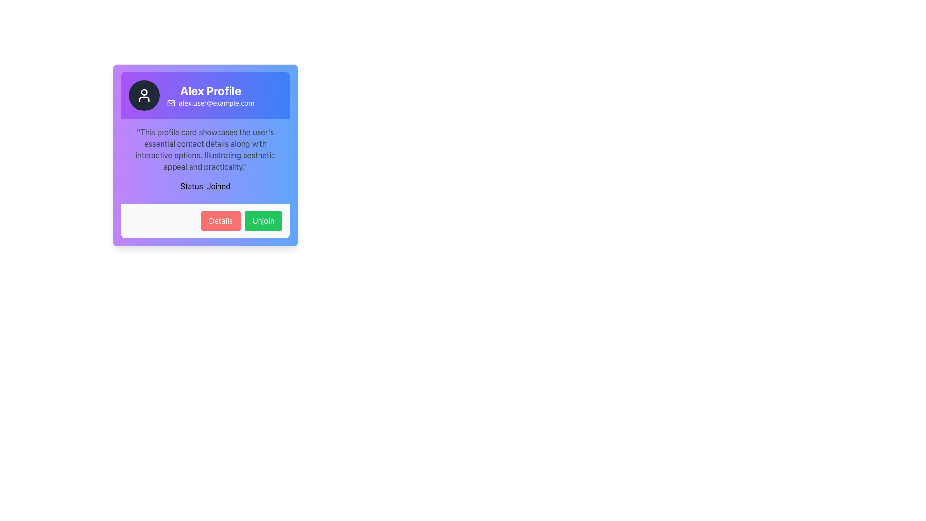  Describe the element at coordinates (205, 95) in the screenshot. I see `the header labeled 'Alex Profile' that includes a user icon and an email address below, by clicking on it to use the information presented` at that location.